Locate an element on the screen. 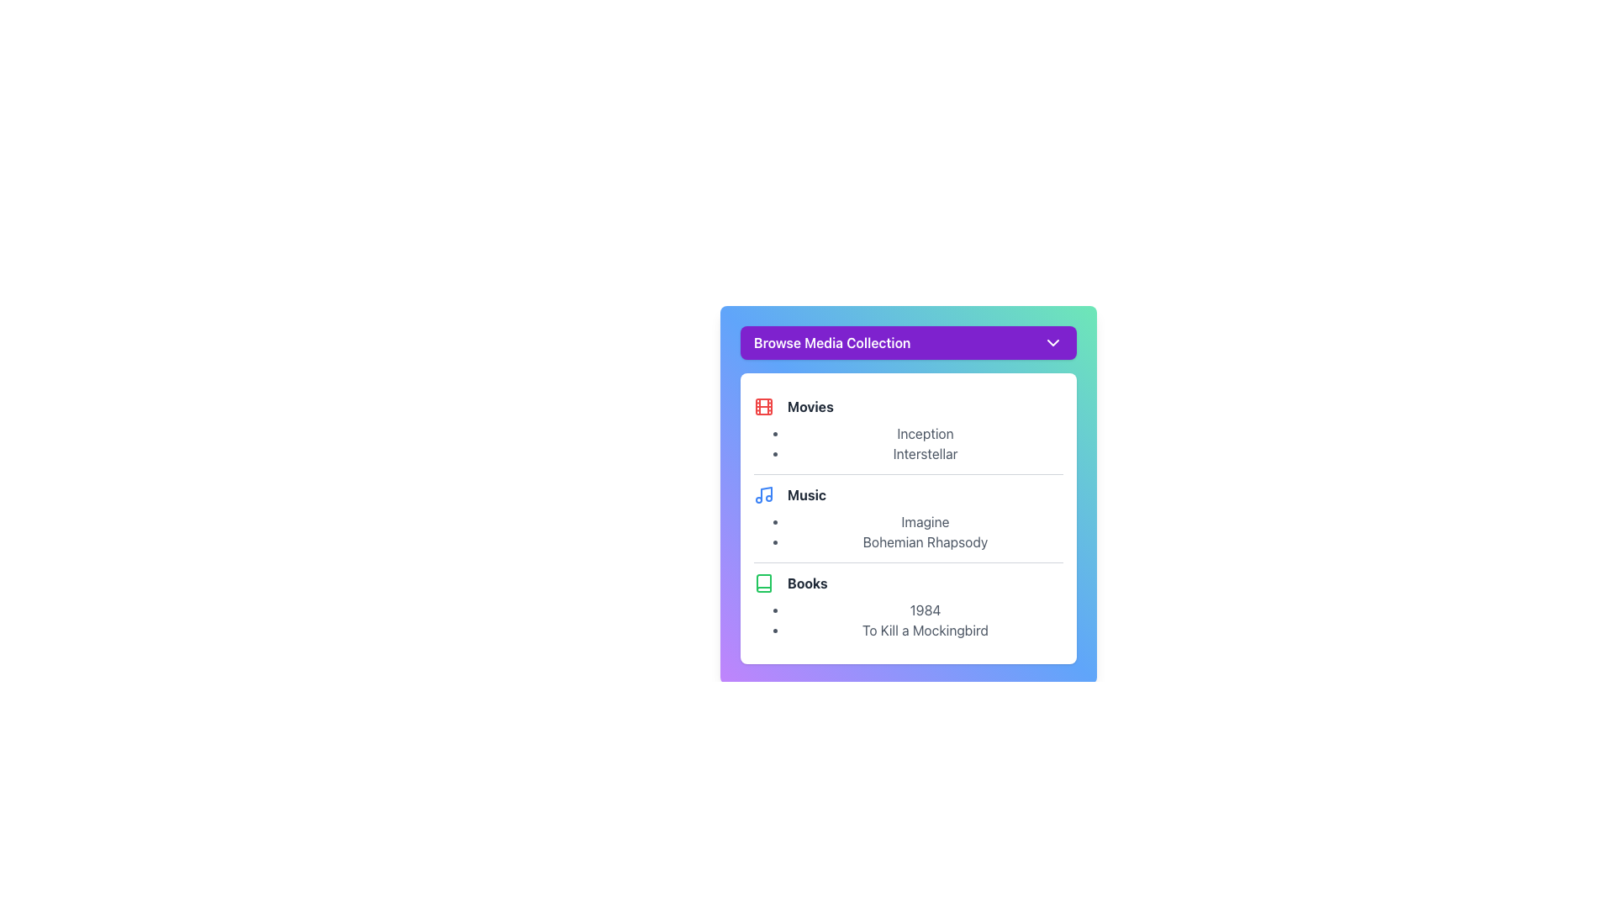  the bold text element displaying 'Books' in dark gray, located under the 'Music' category and aligned right of a green book icon is located at coordinates (807, 583).